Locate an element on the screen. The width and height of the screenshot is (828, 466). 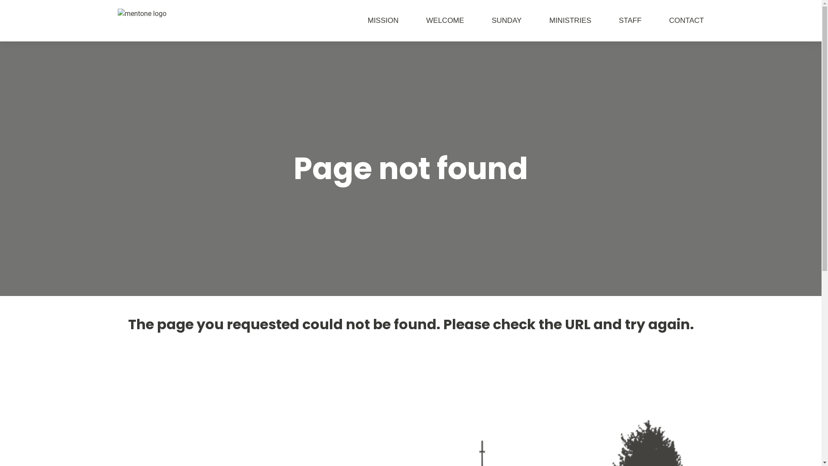
'WELCOME' is located at coordinates (398, 20).